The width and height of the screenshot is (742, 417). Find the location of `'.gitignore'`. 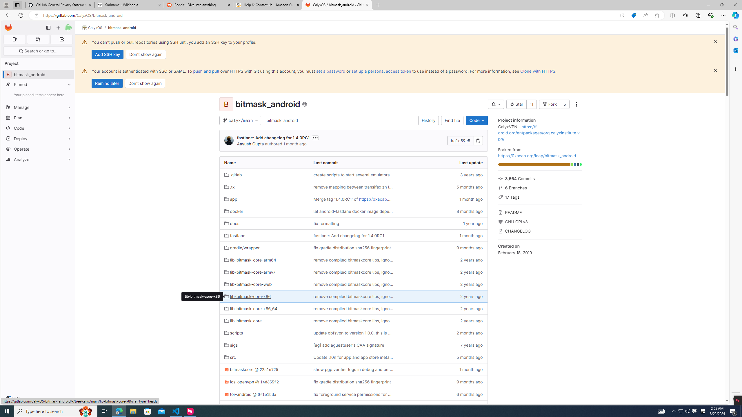

'.gitignore' is located at coordinates (264, 406).